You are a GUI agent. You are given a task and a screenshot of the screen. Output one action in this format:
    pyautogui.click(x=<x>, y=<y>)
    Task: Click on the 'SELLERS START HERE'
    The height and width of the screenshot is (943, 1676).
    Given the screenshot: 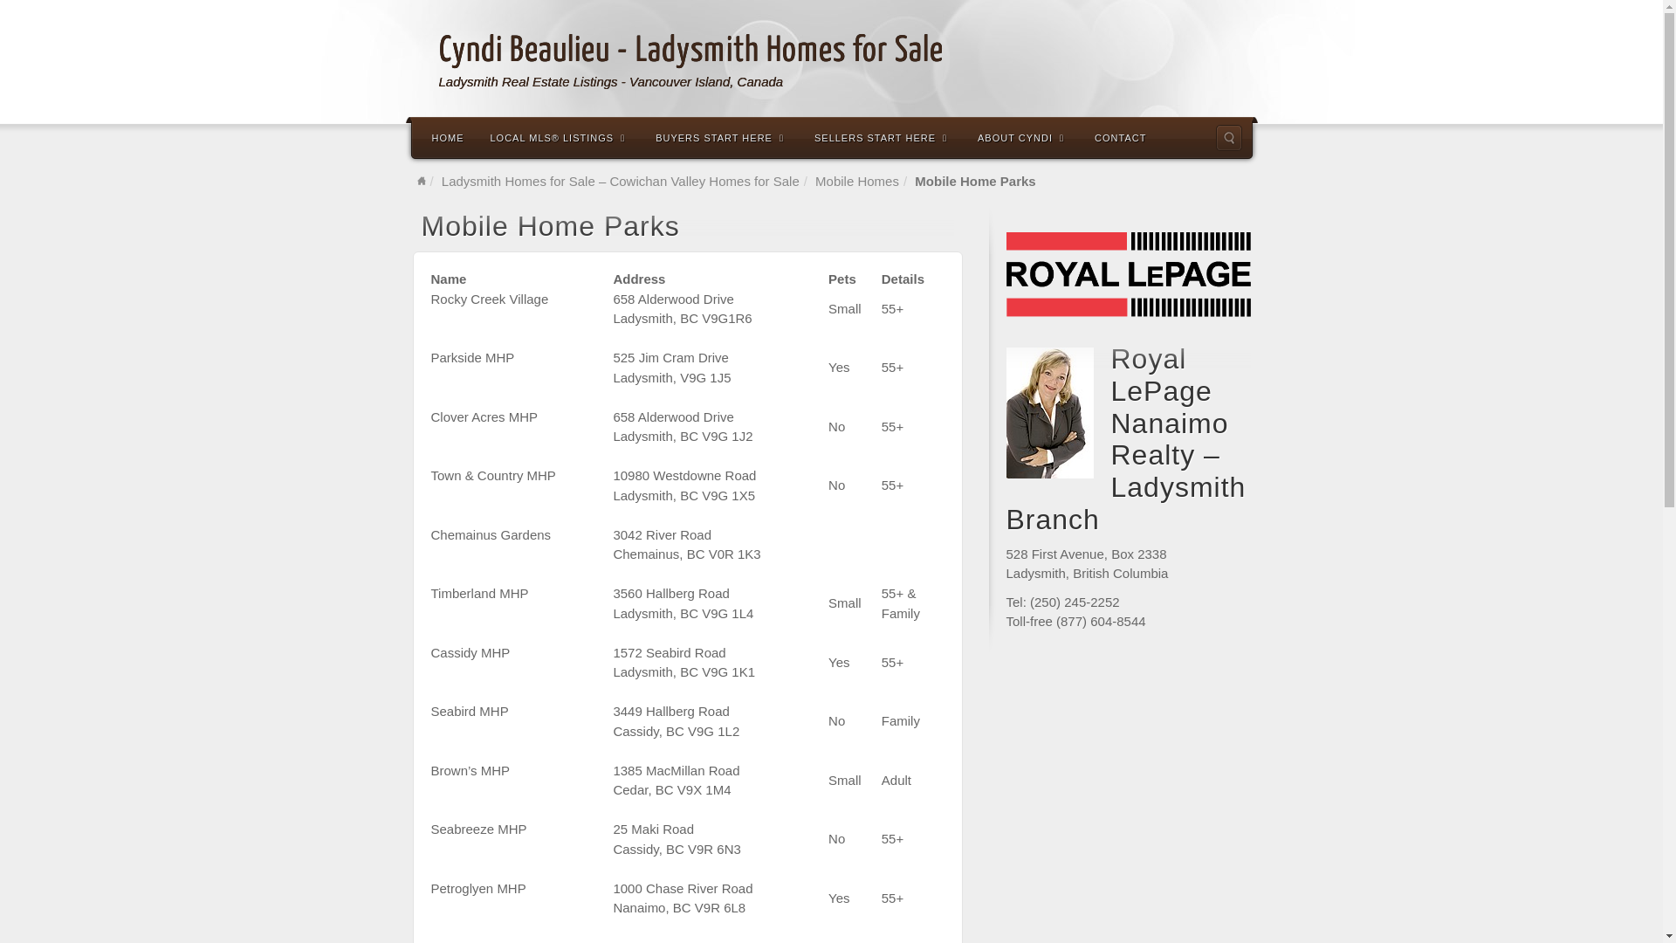 What is the action you would take?
    pyautogui.click(x=883, y=136)
    